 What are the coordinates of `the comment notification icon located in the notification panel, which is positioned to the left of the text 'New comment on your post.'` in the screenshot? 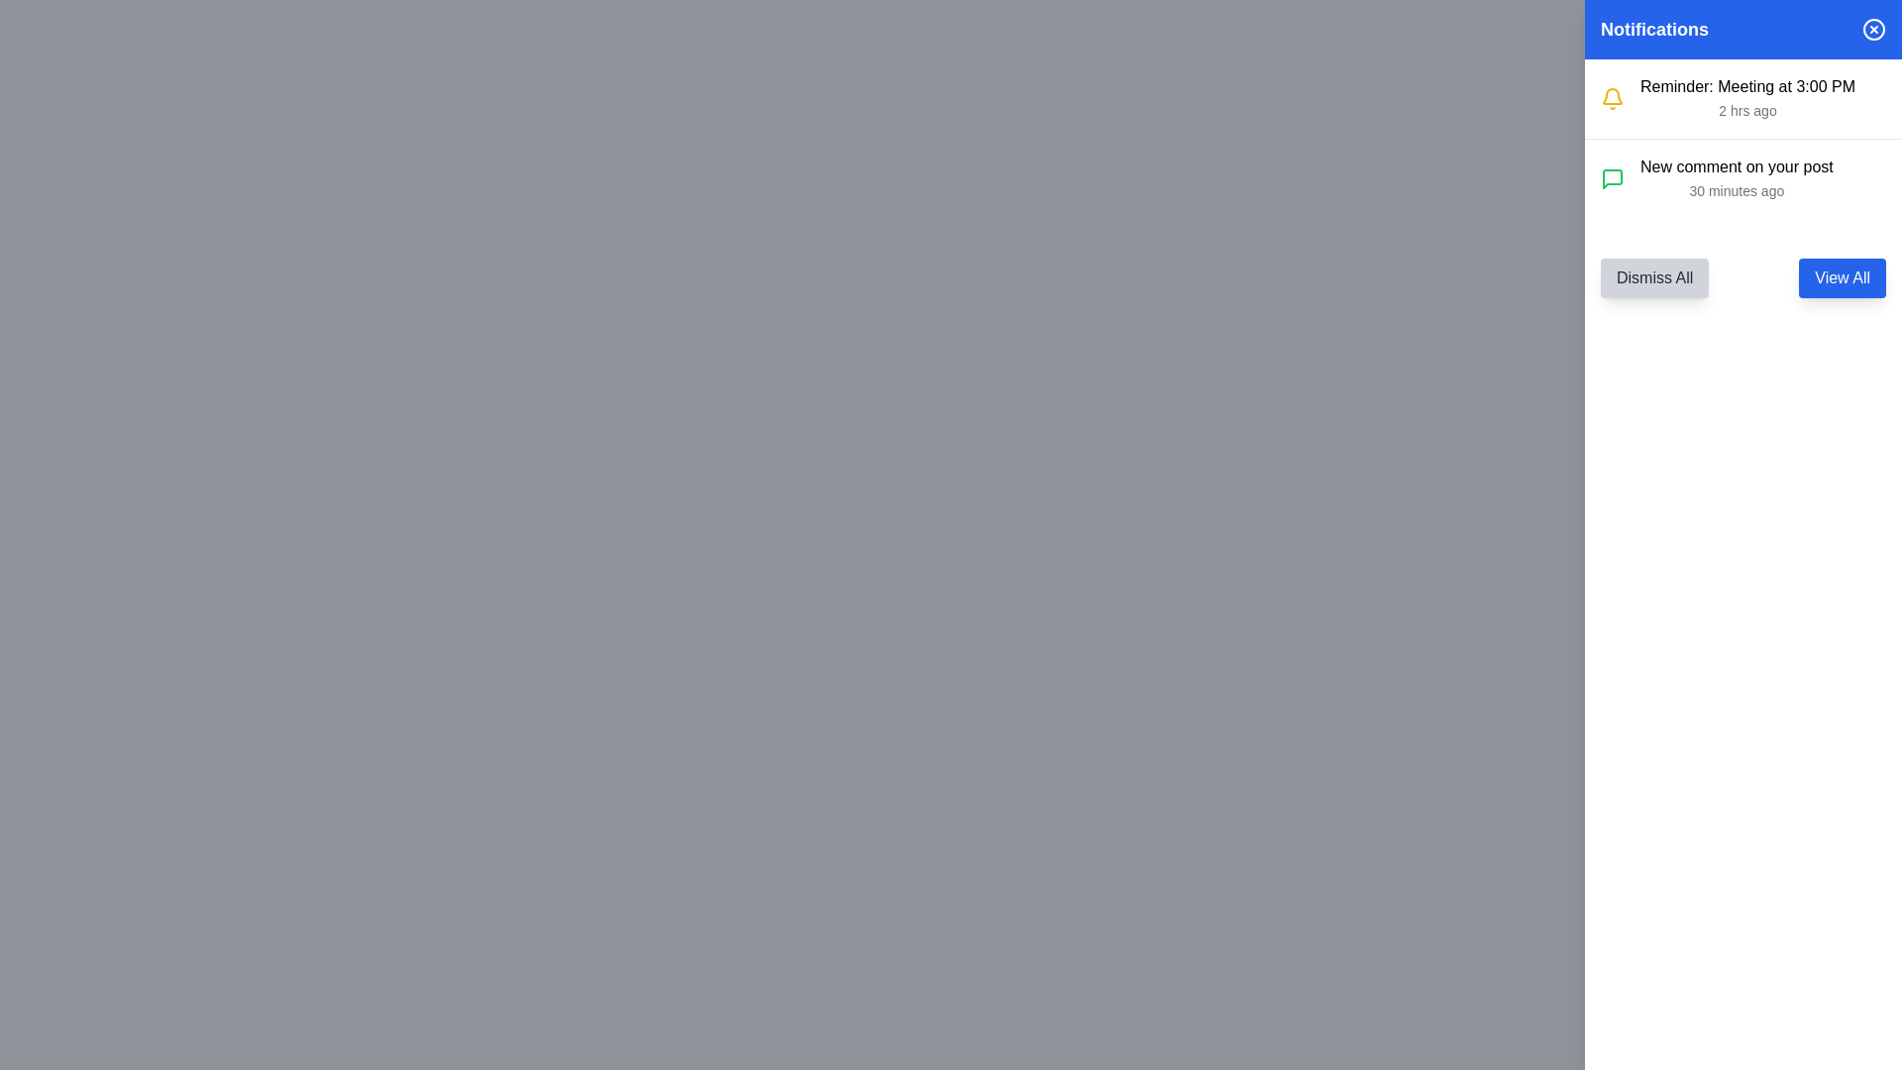 It's located at (1612, 179).